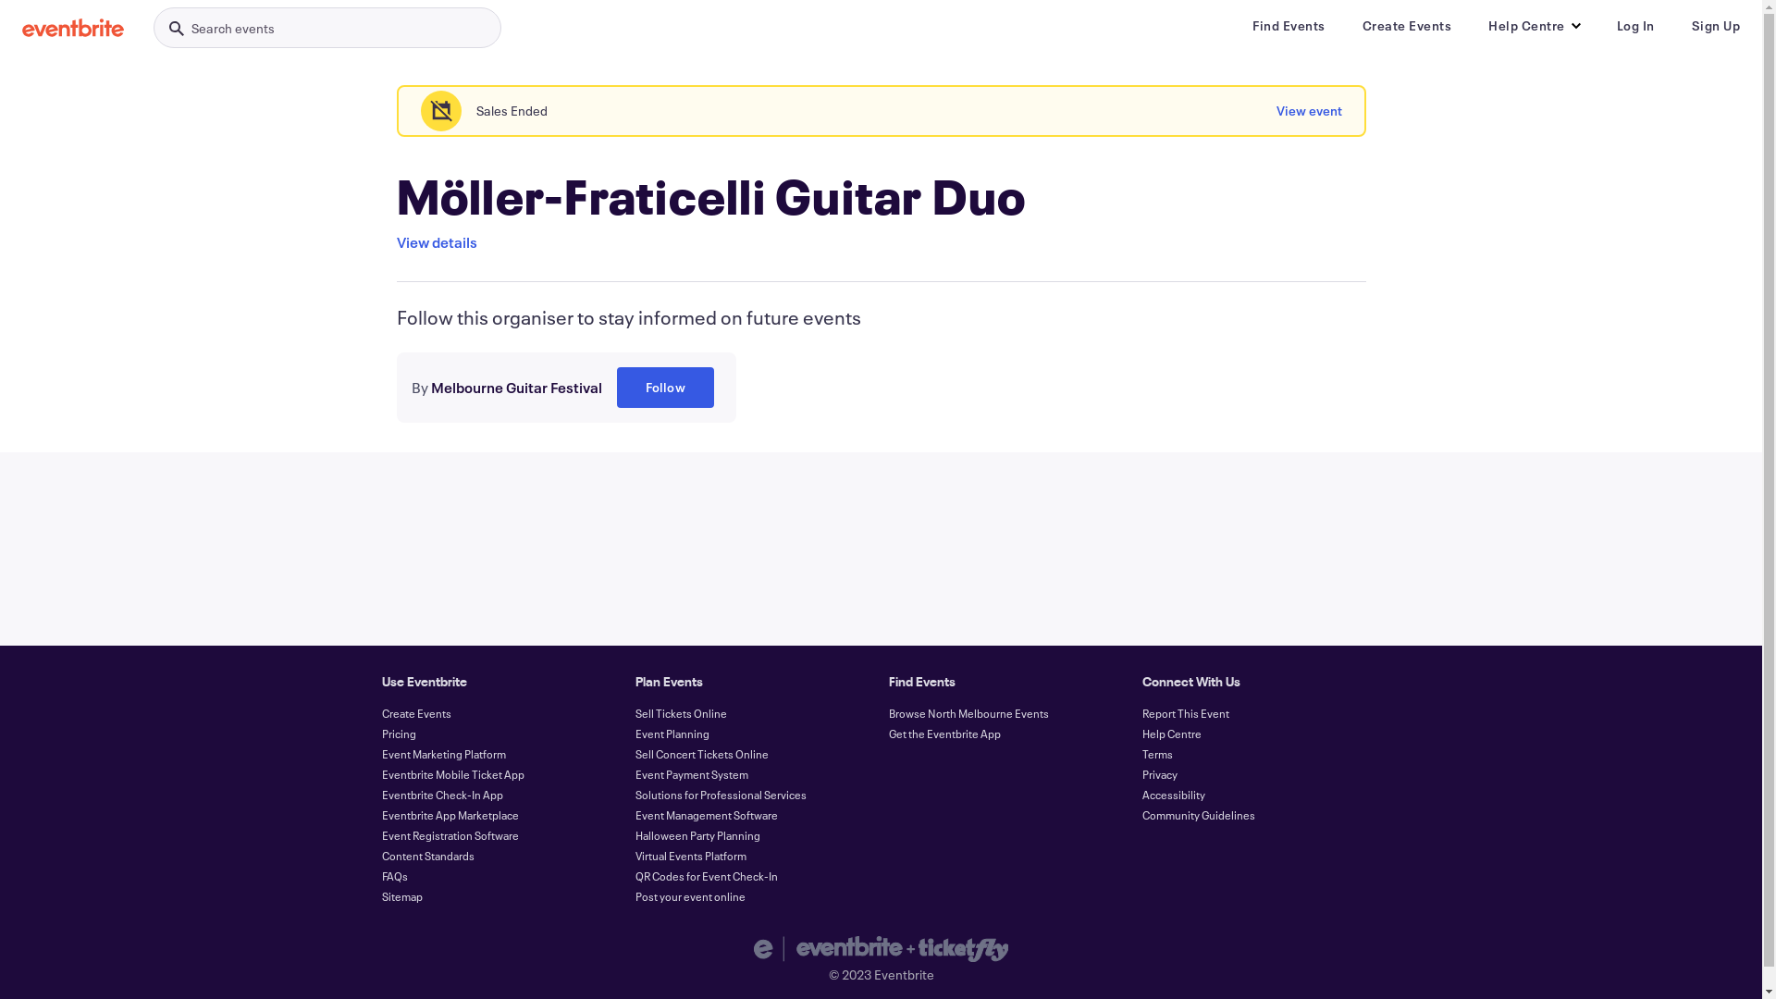 This screenshot has height=999, width=1776. What do you see at coordinates (705, 813) in the screenshot?
I see `'Event Management Software'` at bounding box center [705, 813].